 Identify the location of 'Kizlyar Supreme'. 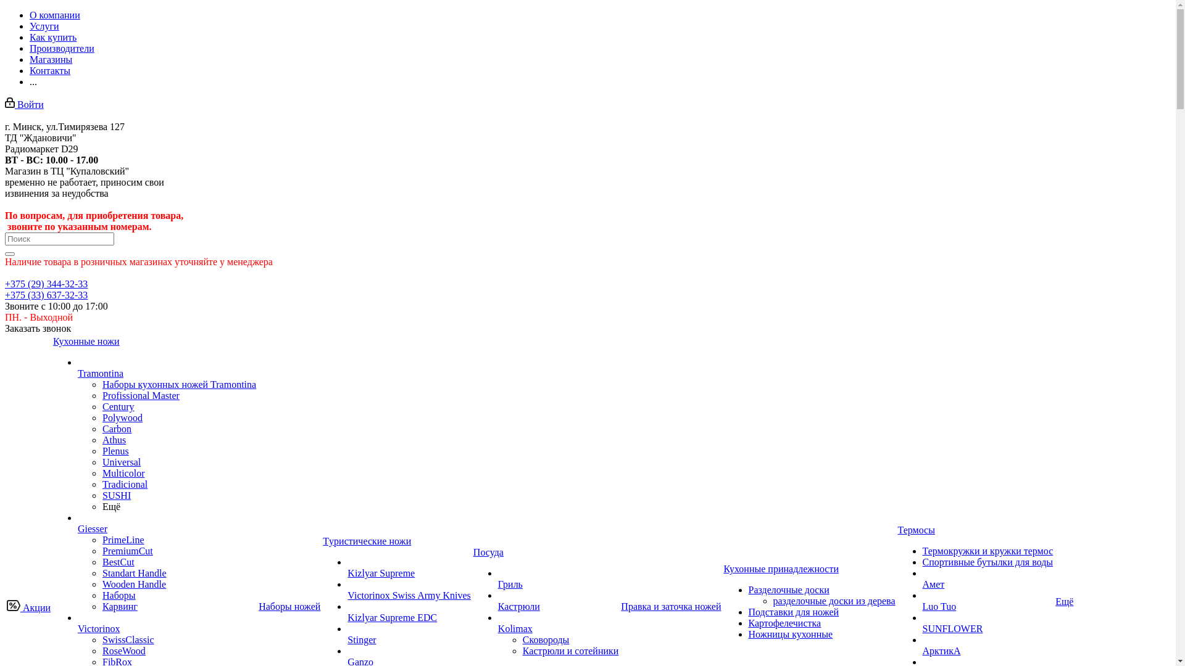
(347, 565).